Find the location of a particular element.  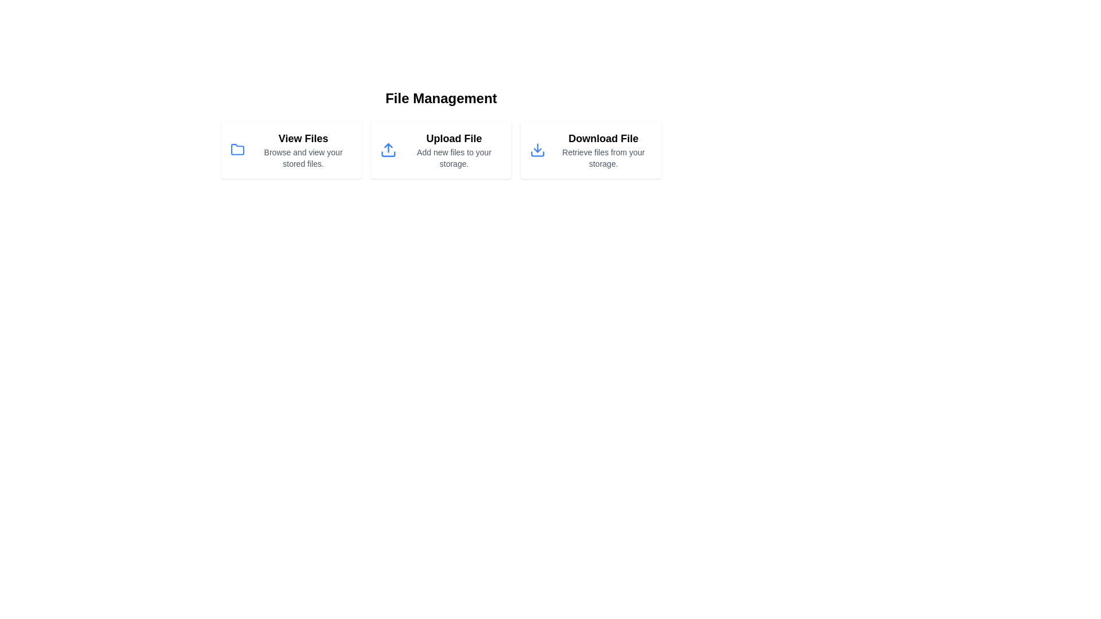

the informational Text block titled 'View Files' that contains the description 'Browse and view your stored files.' is located at coordinates (303, 150).